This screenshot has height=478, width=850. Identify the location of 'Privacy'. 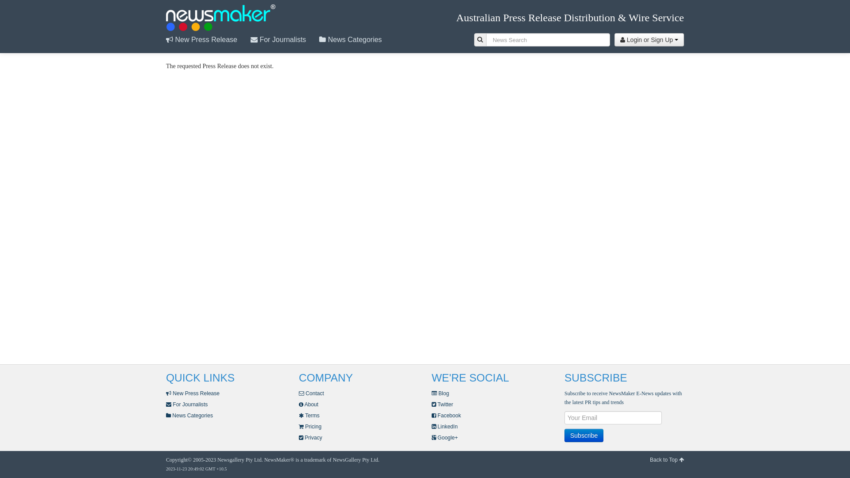
(299, 437).